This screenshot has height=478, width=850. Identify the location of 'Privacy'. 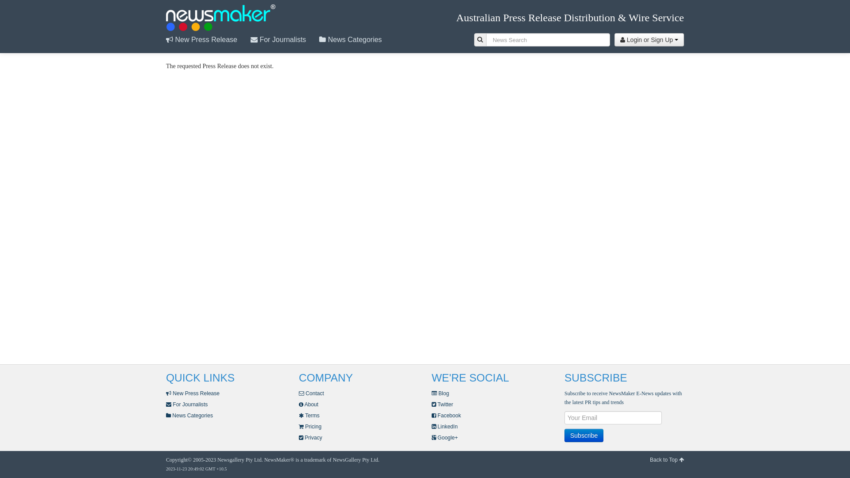
(299, 437).